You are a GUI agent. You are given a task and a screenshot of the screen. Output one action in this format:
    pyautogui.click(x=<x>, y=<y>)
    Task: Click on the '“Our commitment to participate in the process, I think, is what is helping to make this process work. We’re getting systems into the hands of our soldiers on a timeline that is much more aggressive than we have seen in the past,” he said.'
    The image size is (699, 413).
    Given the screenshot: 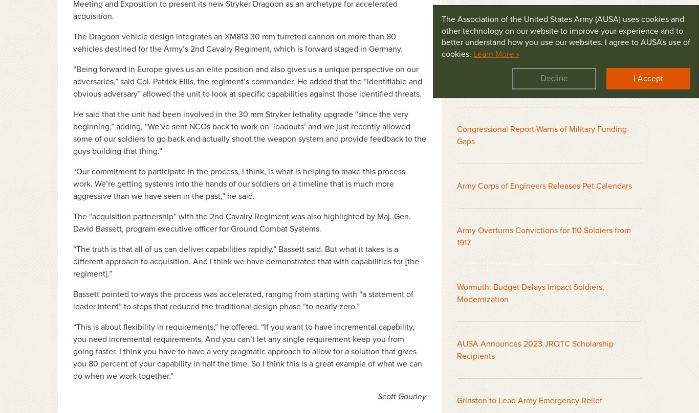 What is the action you would take?
    pyautogui.click(x=239, y=183)
    